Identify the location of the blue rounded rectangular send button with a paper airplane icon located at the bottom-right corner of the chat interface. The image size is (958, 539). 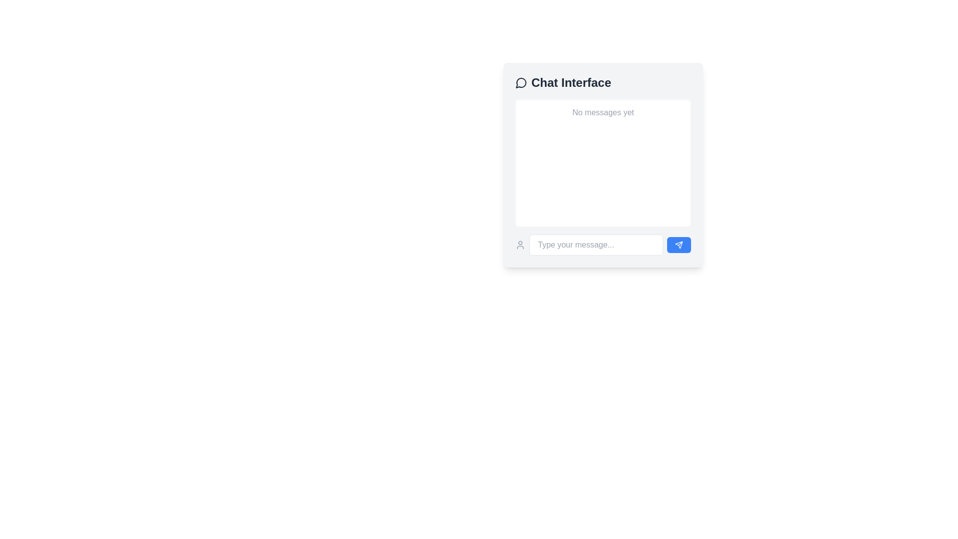
(679, 245).